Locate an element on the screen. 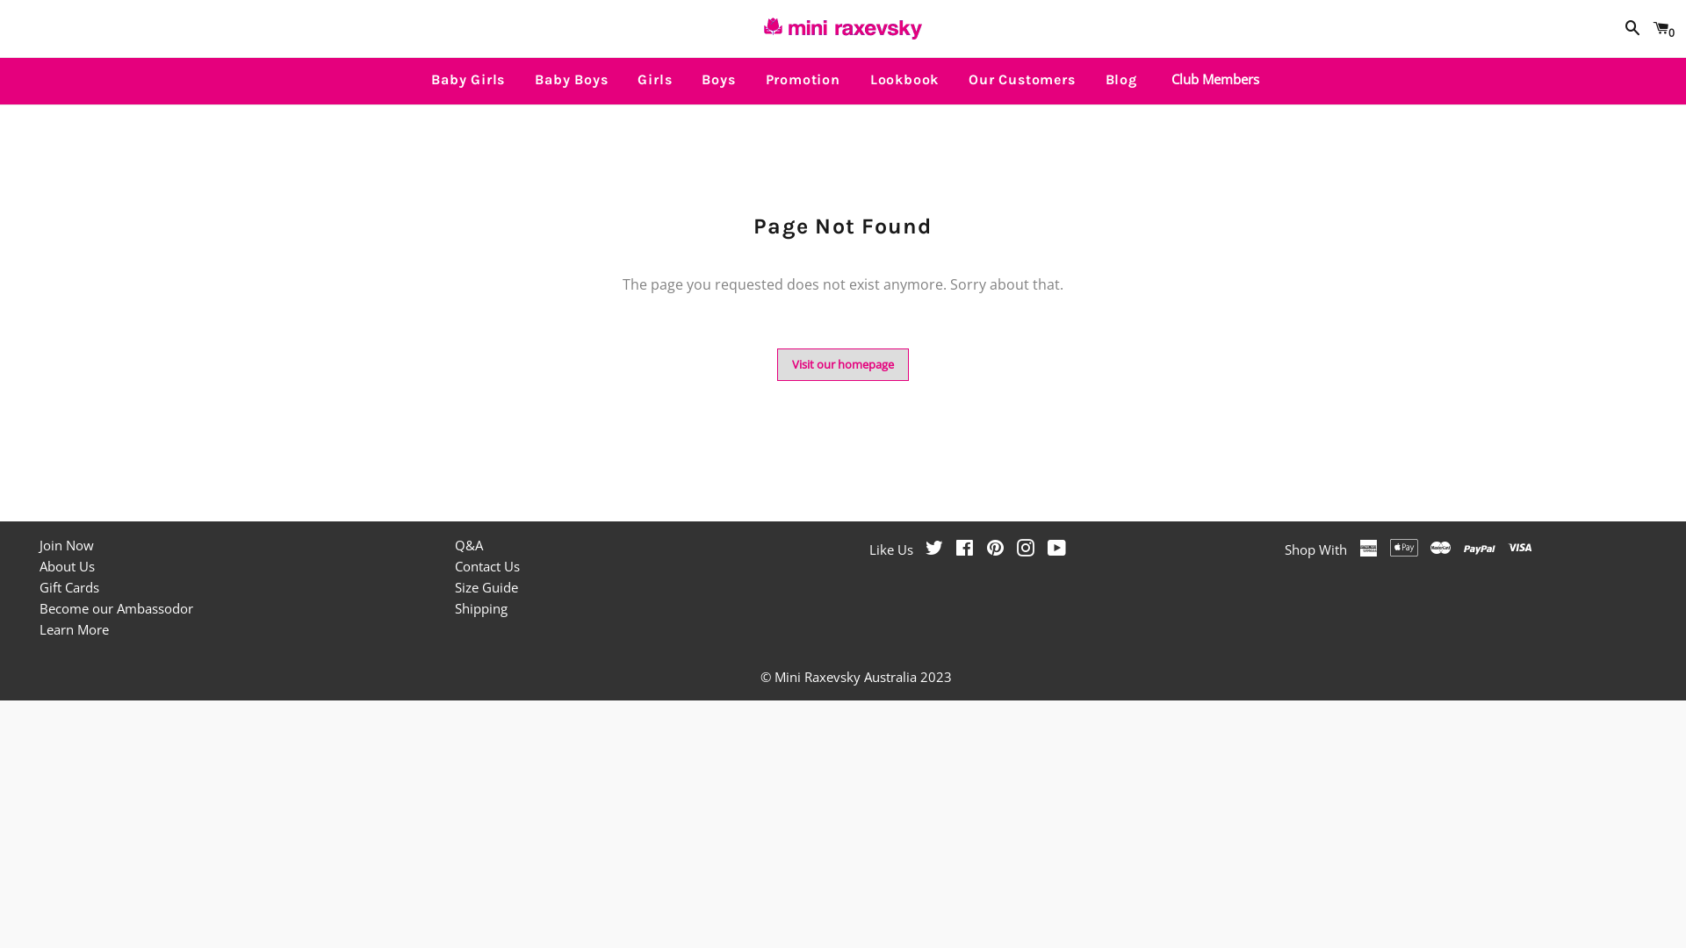 Image resolution: width=1686 pixels, height=948 pixels. 'YouTube' is located at coordinates (1056, 548).